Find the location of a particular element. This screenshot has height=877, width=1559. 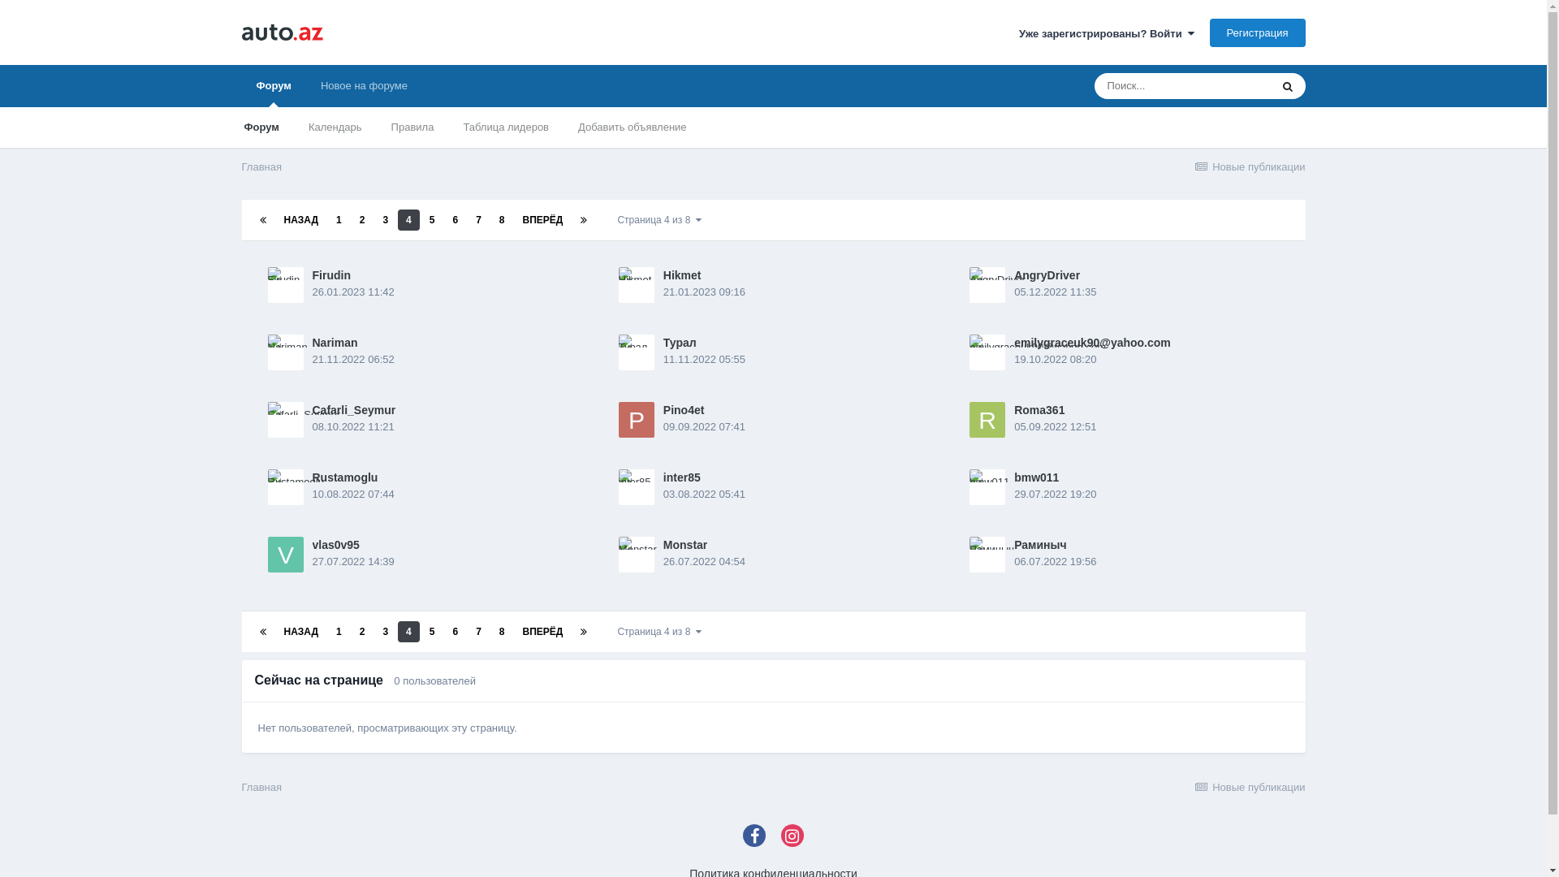

'6' is located at coordinates (455, 629).